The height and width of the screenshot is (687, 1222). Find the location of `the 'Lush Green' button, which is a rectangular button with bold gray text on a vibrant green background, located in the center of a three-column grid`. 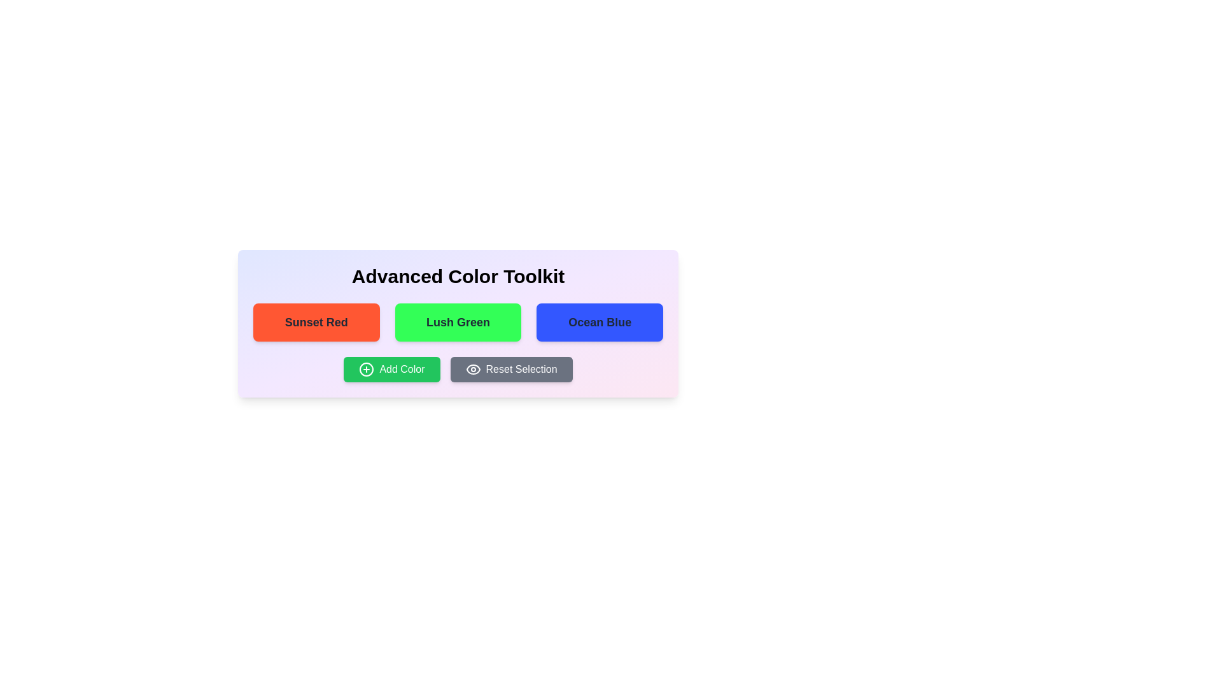

the 'Lush Green' button, which is a rectangular button with bold gray text on a vibrant green background, located in the center of a three-column grid is located at coordinates (458, 321).